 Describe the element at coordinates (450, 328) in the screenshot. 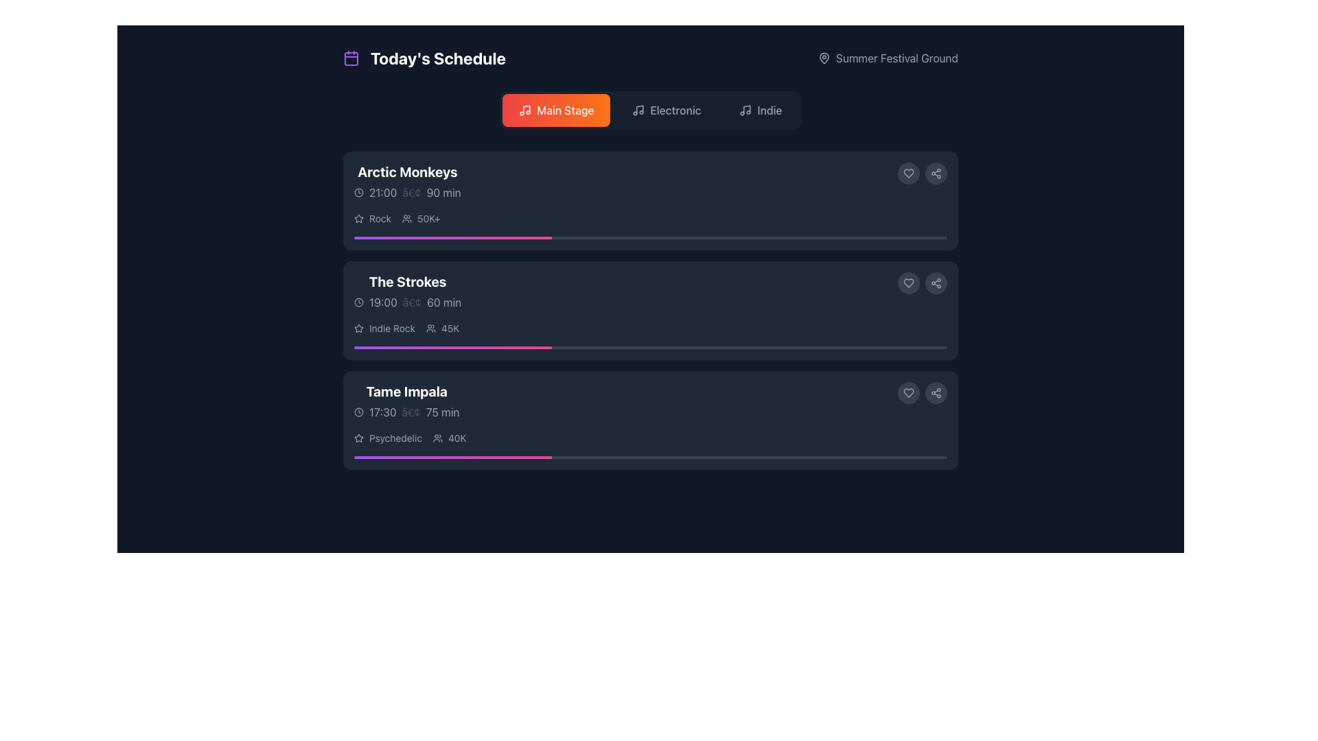

I see `the static text component displaying '45K', which indicates the number of attendees, located in the lower left area of the event card labeled 'The Strokes'` at that location.